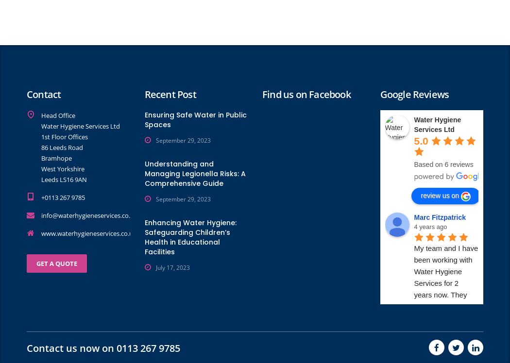  What do you see at coordinates (414, 94) in the screenshot?
I see `'Google Reviews'` at bounding box center [414, 94].